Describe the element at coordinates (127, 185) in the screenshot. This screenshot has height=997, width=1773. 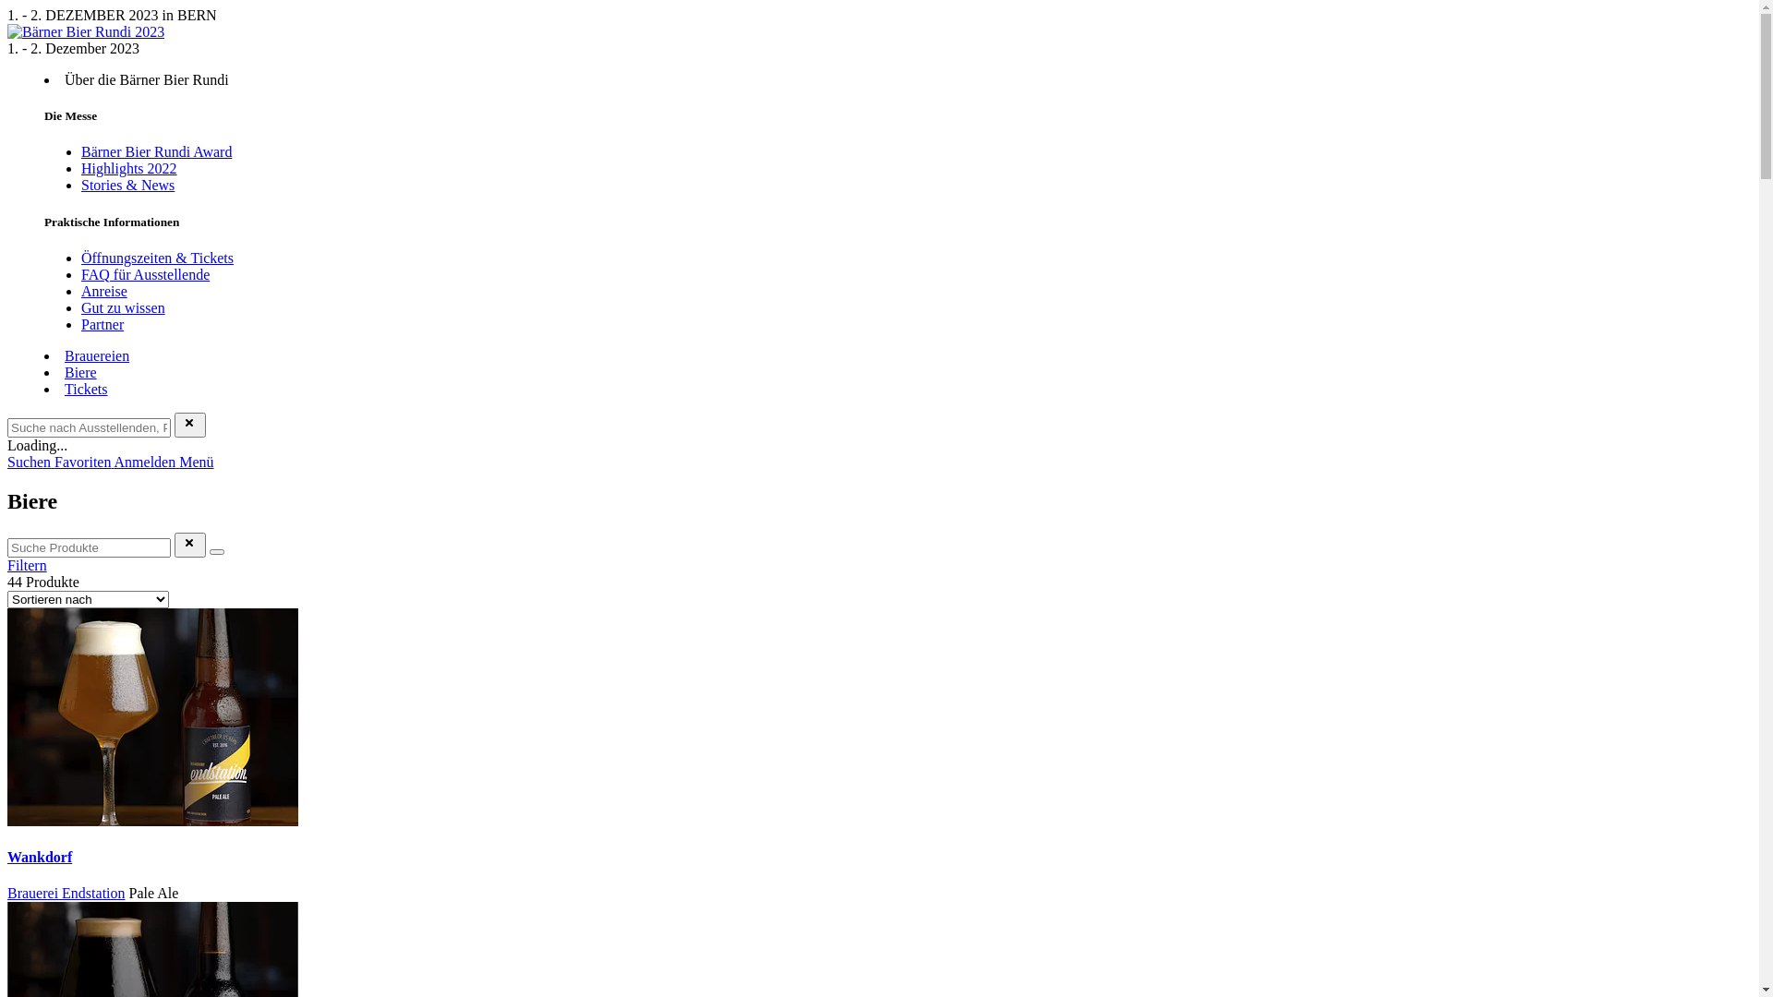
I see `'Stories & News'` at that location.